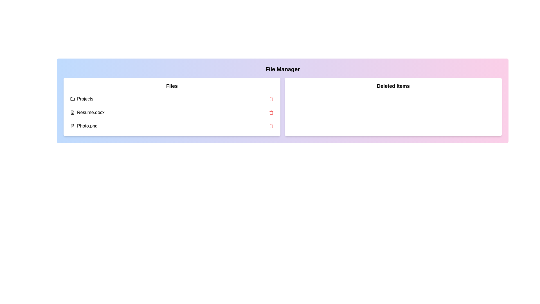 The width and height of the screenshot is (540, 304). I want to click on delete button next to the file Resume.docx, so click(271, 113).